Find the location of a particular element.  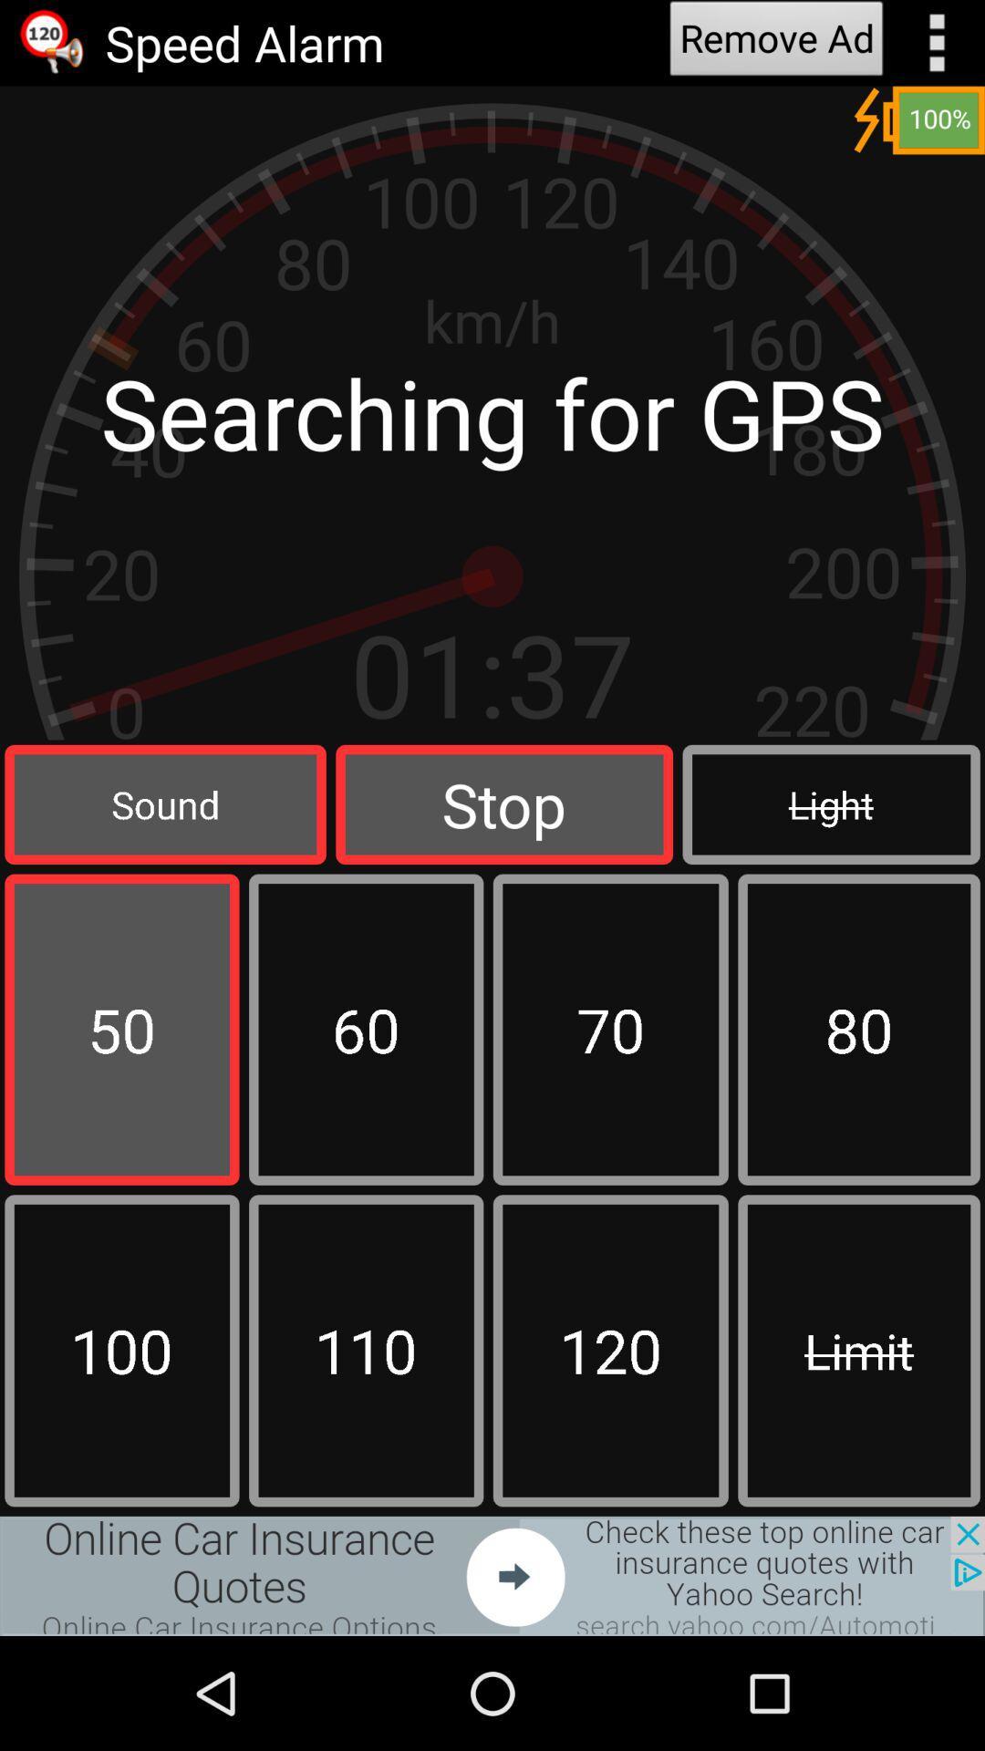

show options is located at coordinates (937, 43).